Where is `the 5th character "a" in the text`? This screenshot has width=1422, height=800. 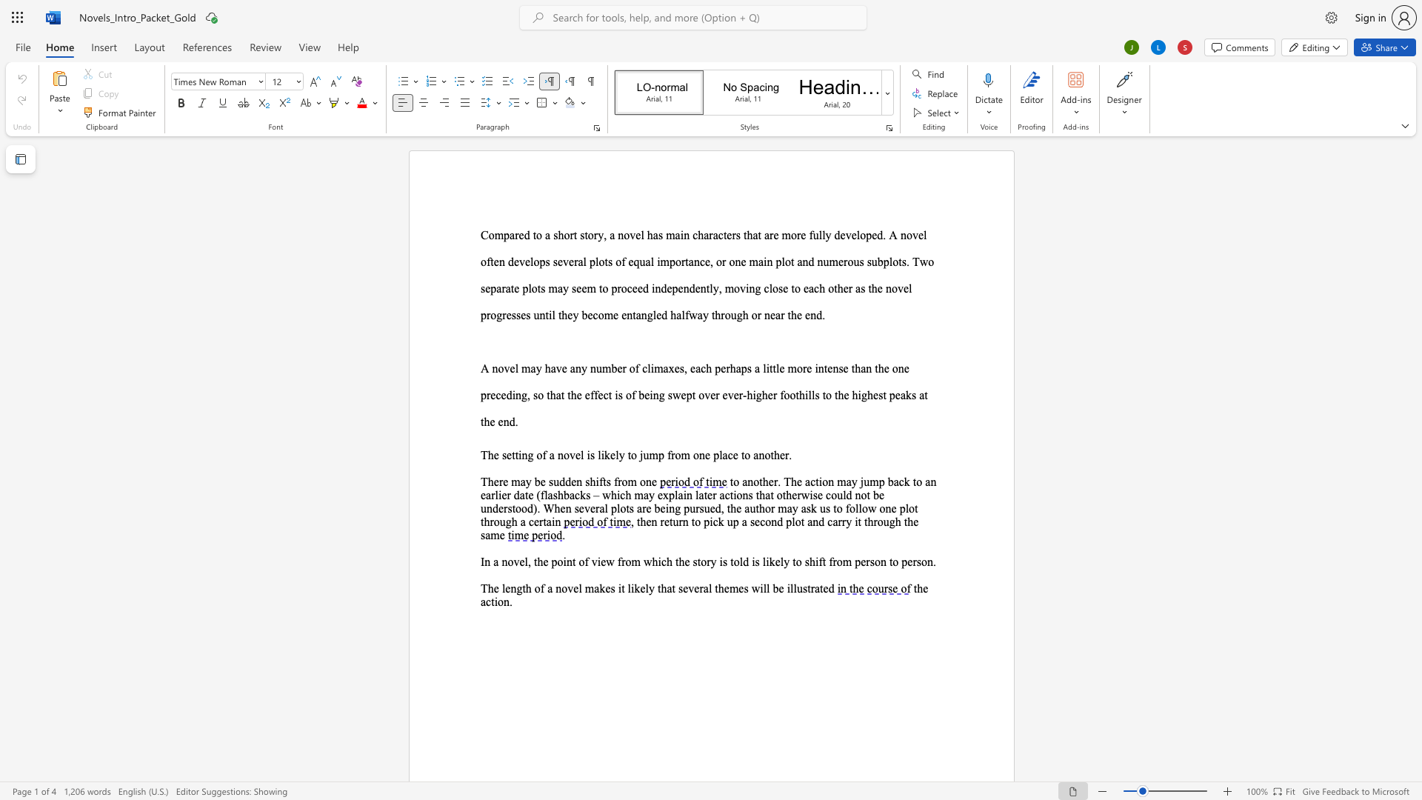 the 5th character "a" in the text is located at coordinates (697, 367).